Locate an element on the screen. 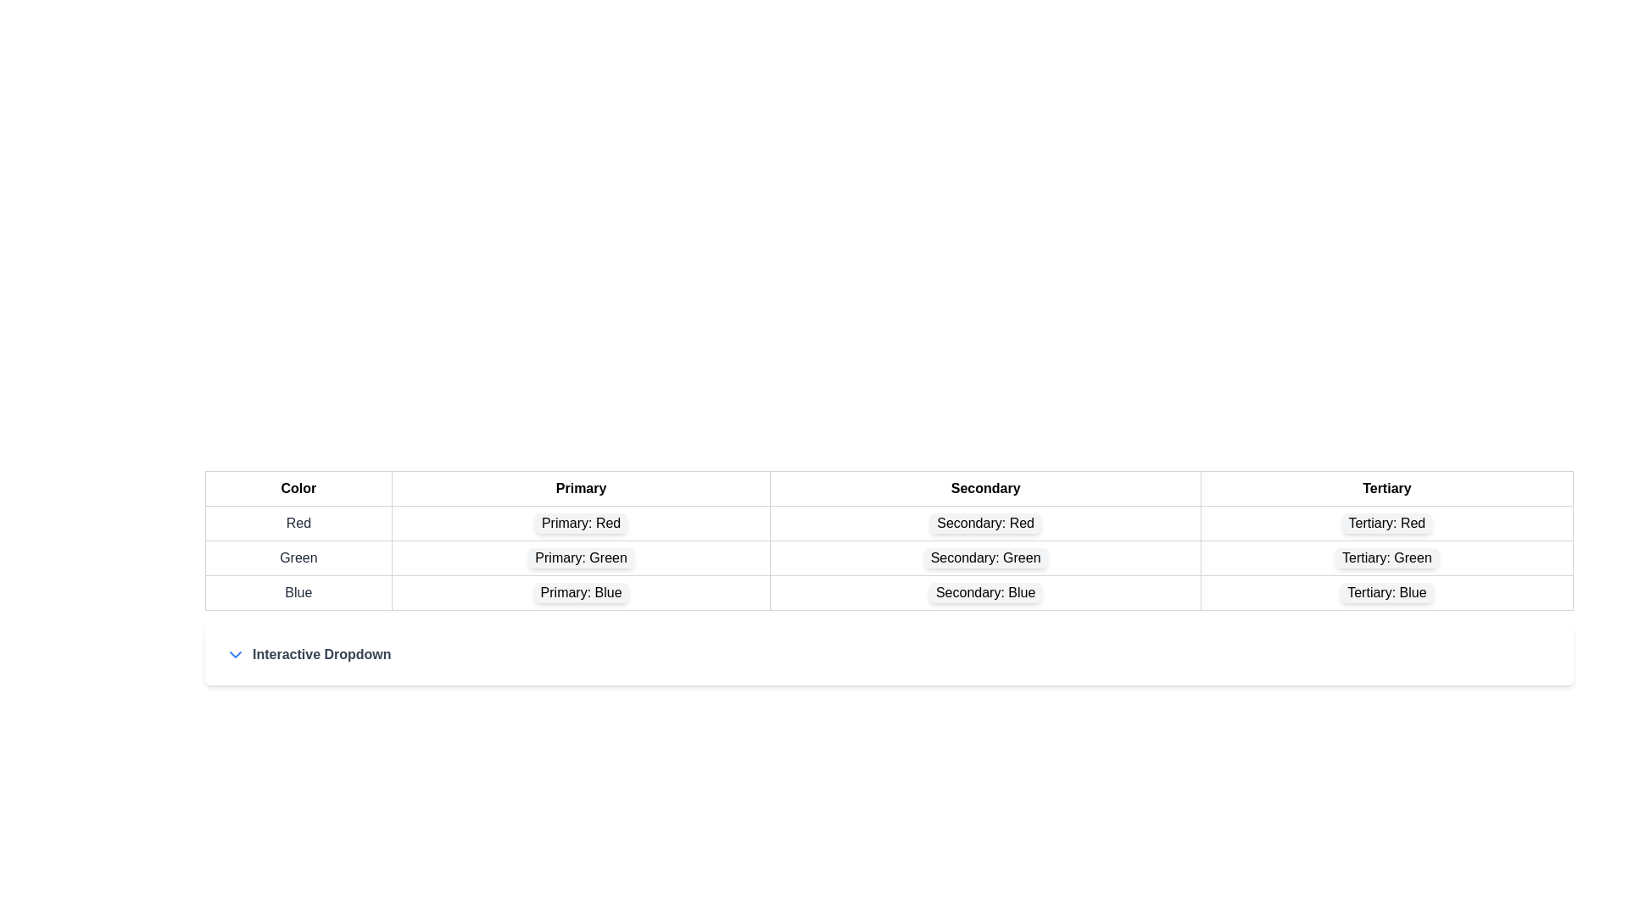  the label indicating 'Tertiary: Red' in the third column of the 'Red' color category row within the table is located at coordinates (1386, 522).